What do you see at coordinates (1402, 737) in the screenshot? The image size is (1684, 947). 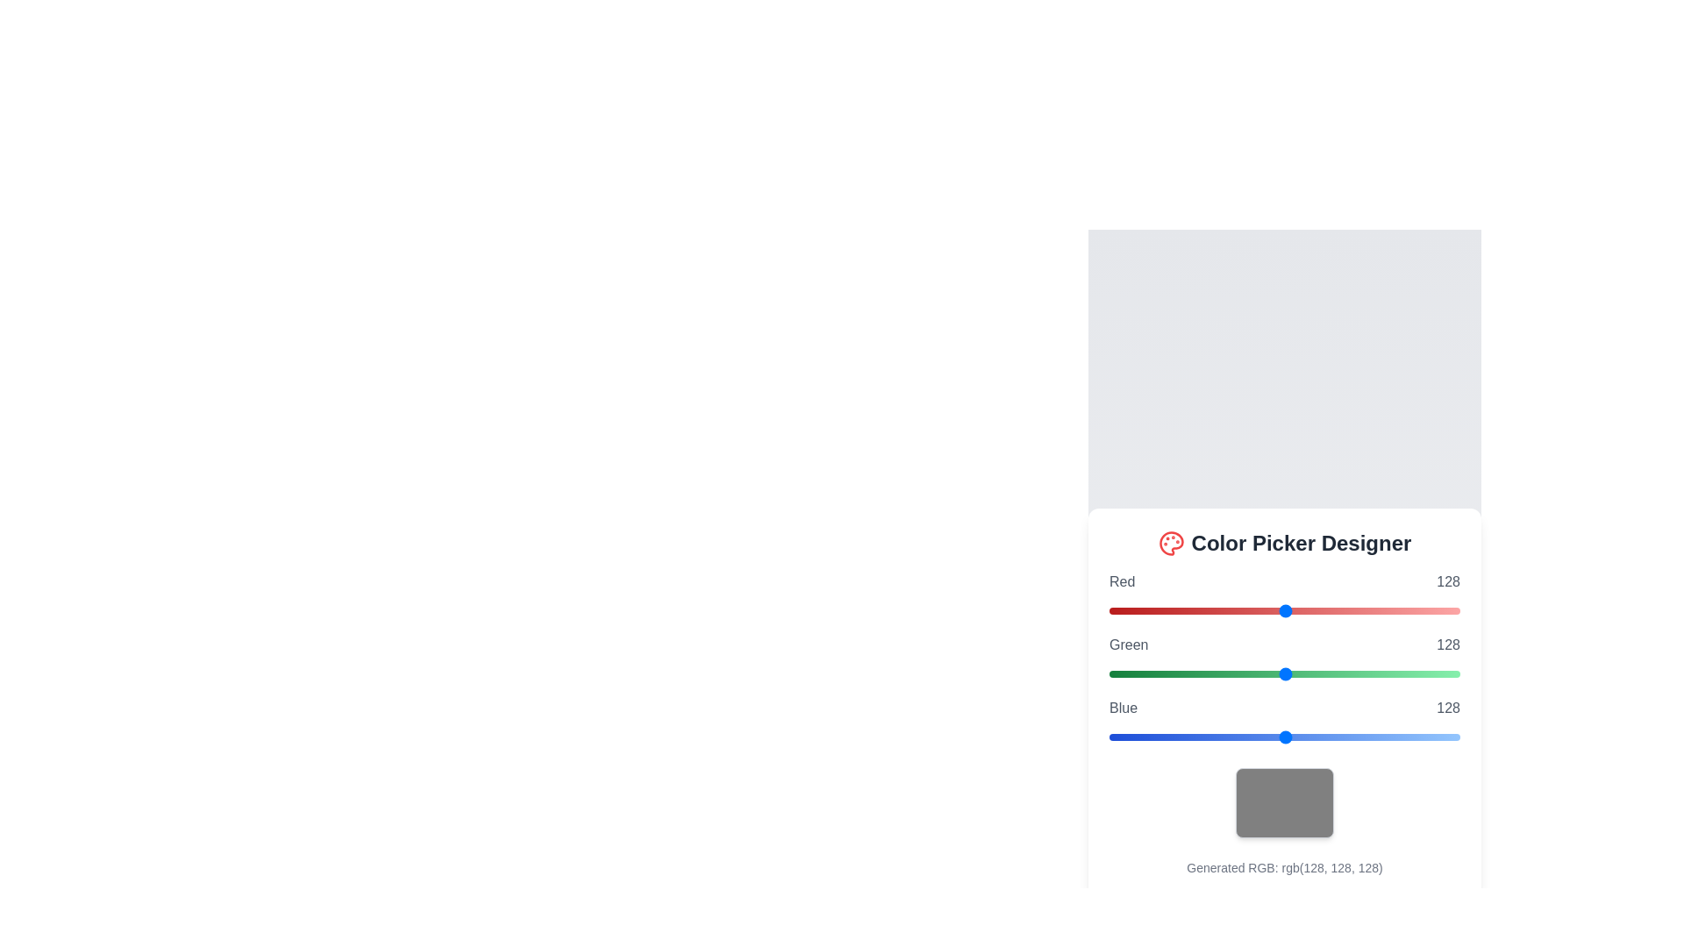 I see `the blue slider to set its value to 213` at bounding box center [1402, 737].